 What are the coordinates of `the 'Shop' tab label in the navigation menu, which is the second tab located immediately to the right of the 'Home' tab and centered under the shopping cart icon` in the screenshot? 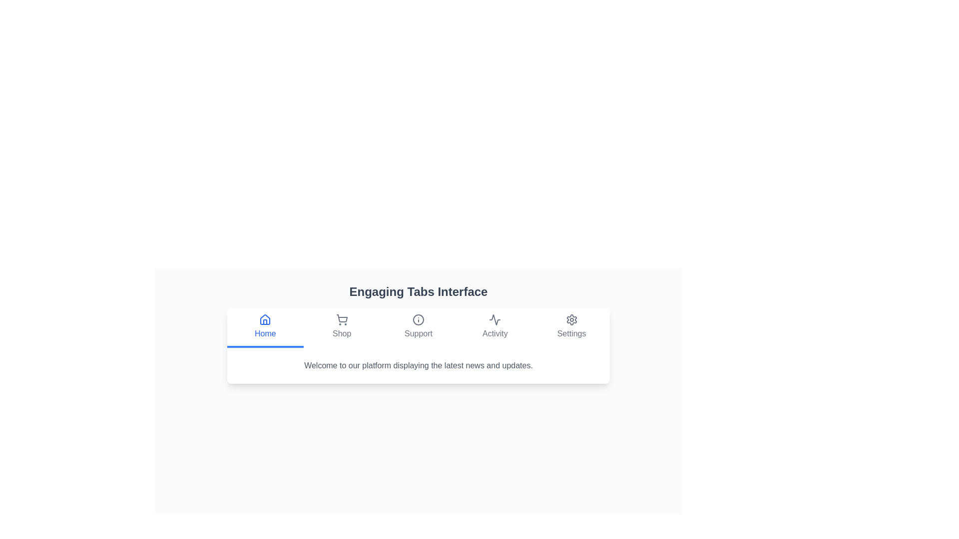 It's located at (342, 333).